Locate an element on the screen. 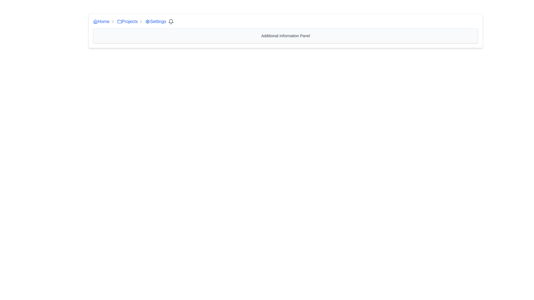 The width and height of the screenshot is (534, 300). the 'Home' text label, which is styled in blue and located within the navigation bar is located at coordinates (103, 21).